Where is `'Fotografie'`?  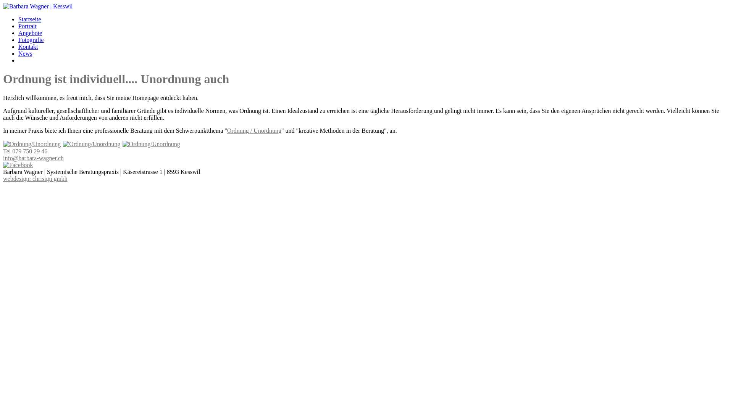 'Fotografie' is located at coordinates (31, 40).